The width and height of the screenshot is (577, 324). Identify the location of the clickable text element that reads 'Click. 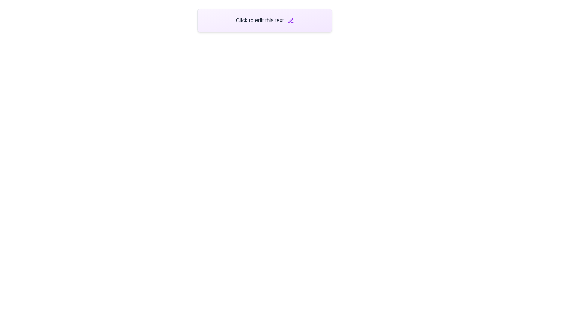
(264, 20).